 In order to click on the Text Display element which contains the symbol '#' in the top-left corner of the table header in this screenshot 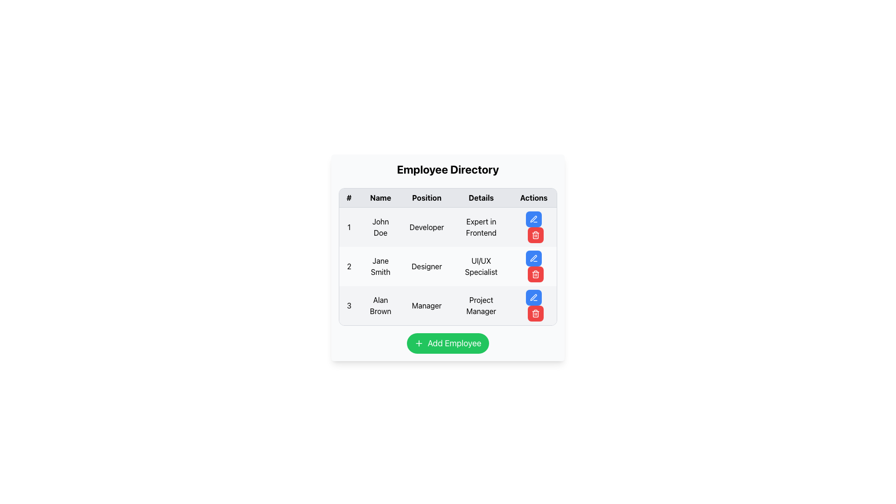, I will do `click(349, 197)`.